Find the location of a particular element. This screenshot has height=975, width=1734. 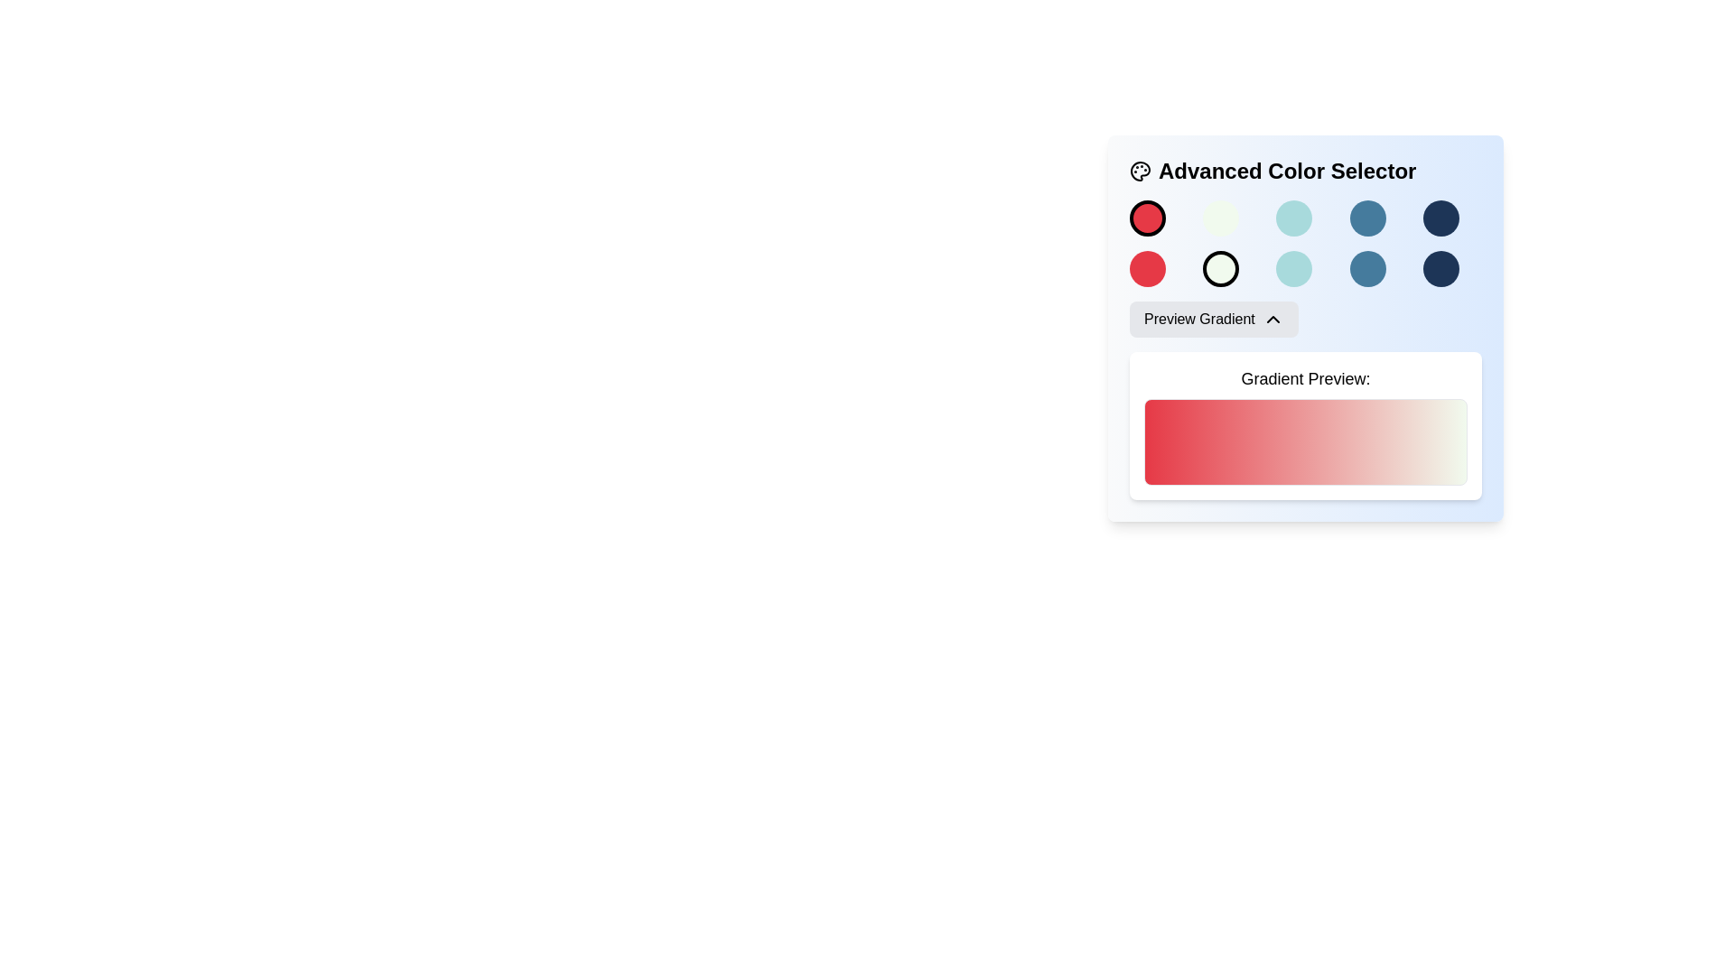

the color circle in the horizontal grid of selectable color circles located beneath the title 'Advanced Color Selector' is located at coordinates (1305, 218).